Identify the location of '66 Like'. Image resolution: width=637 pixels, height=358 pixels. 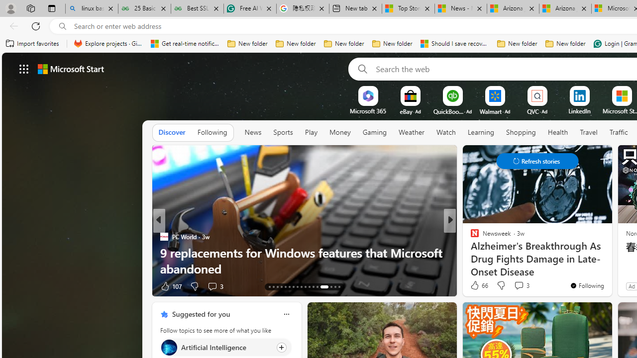
(478, 285).